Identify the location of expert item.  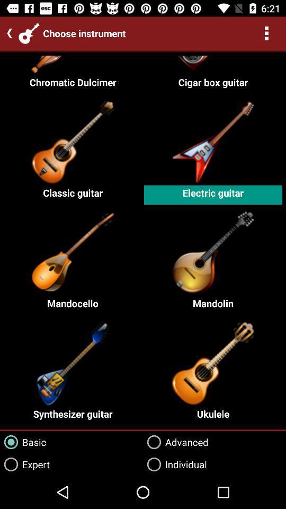
(25, 464).